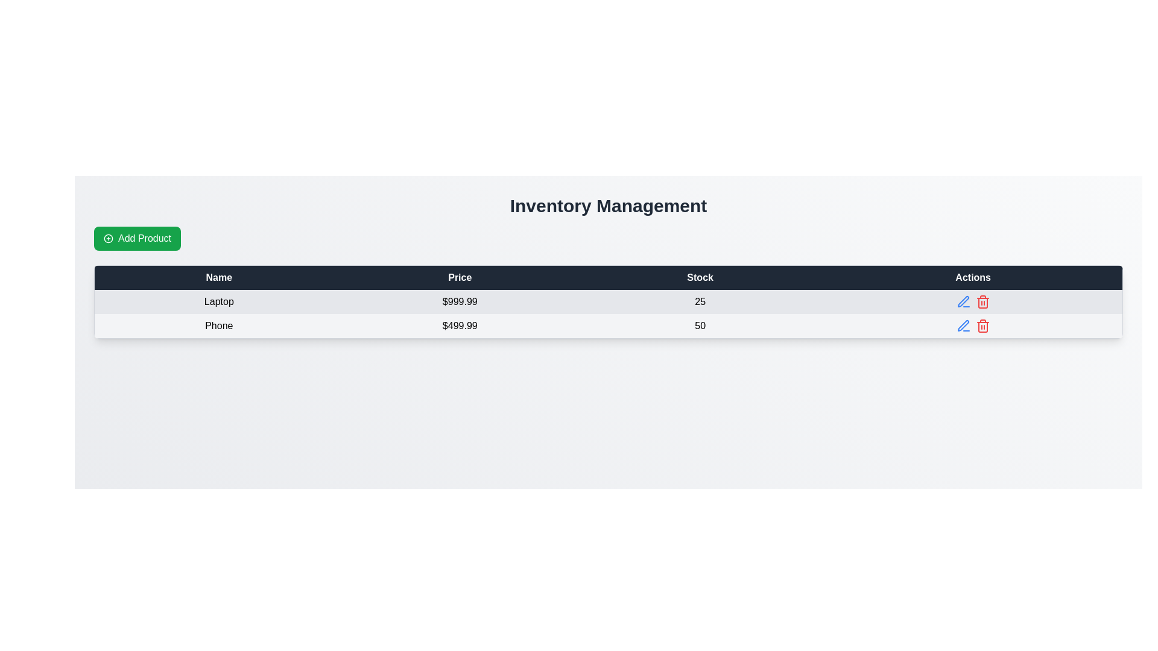 The image size is (1158, 651). I want to click on the price display for the item 'Laptop' in the 'Inventory Management' table, which is located in the second column of the first data row, so click(459, 301).